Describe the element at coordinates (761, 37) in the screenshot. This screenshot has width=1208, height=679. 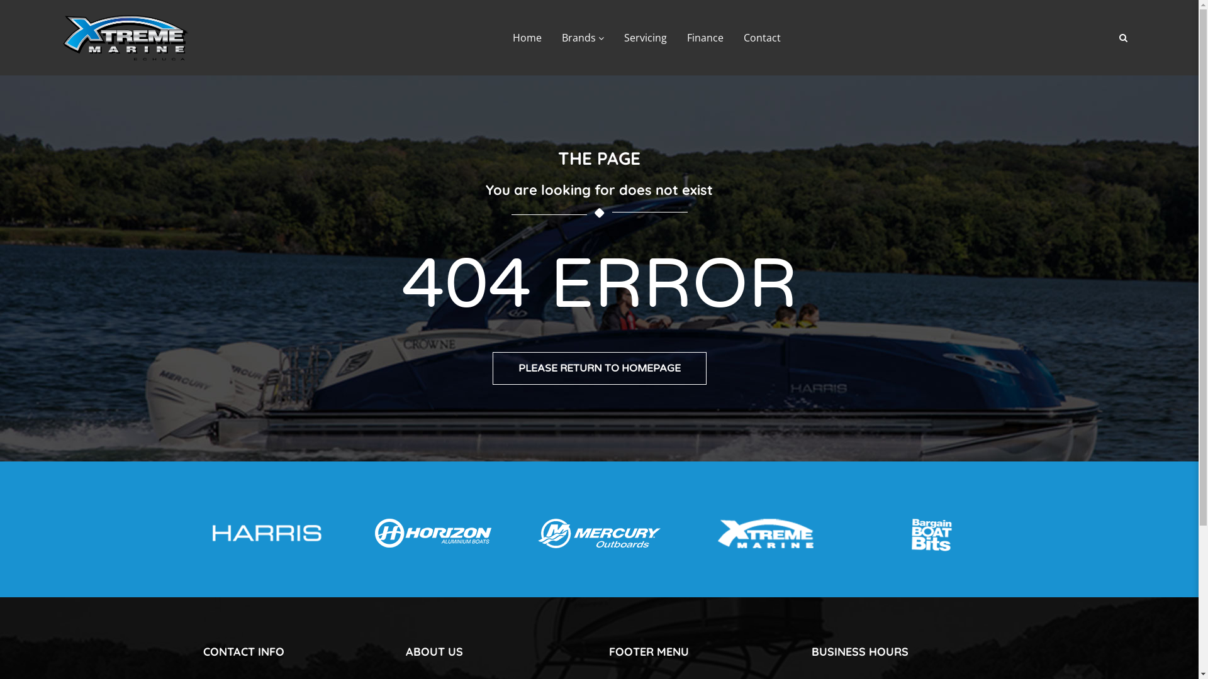
I see `'Contact'` at that location.